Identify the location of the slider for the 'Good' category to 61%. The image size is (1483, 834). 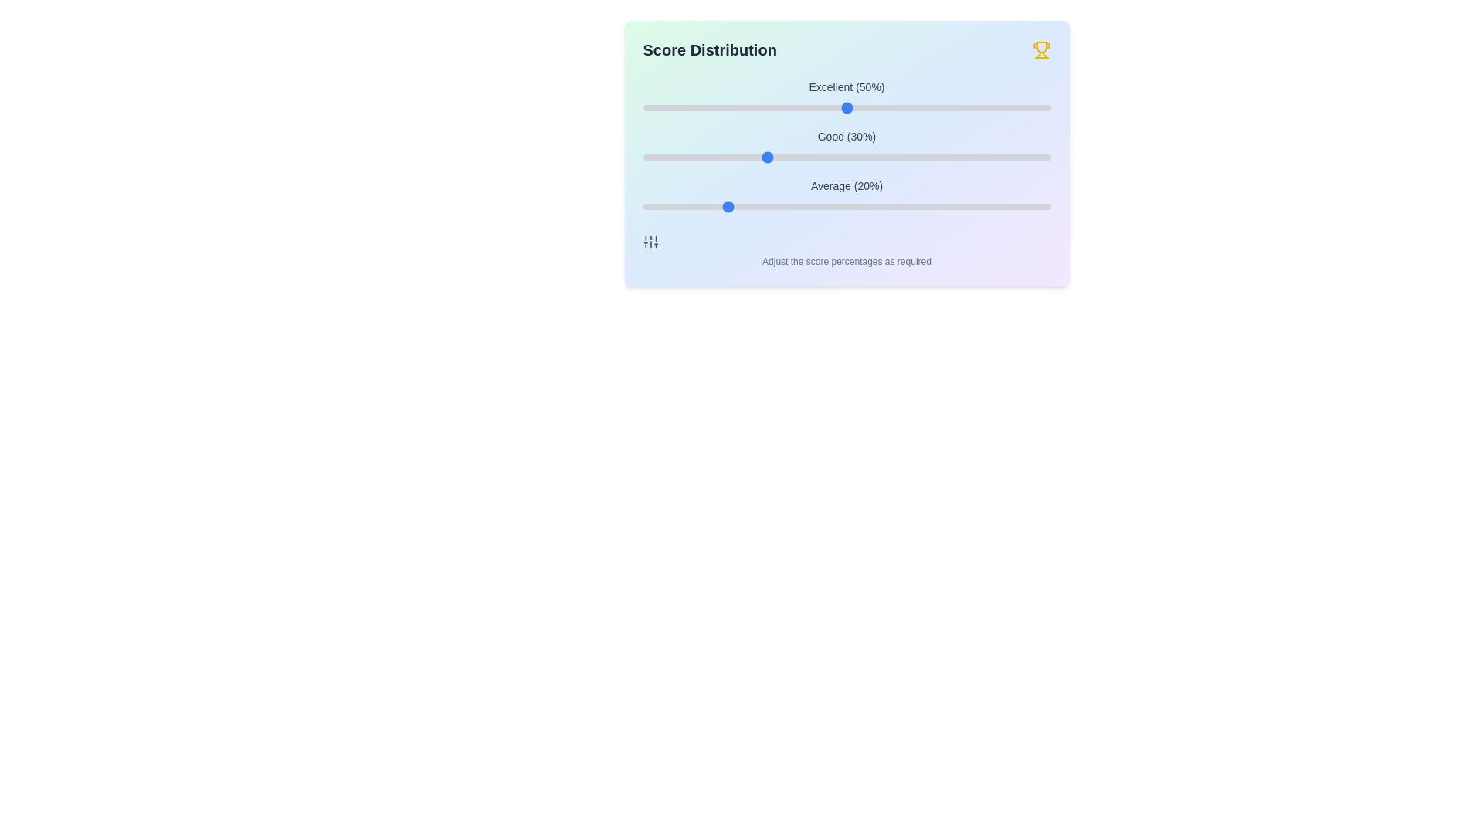
(891, 158).